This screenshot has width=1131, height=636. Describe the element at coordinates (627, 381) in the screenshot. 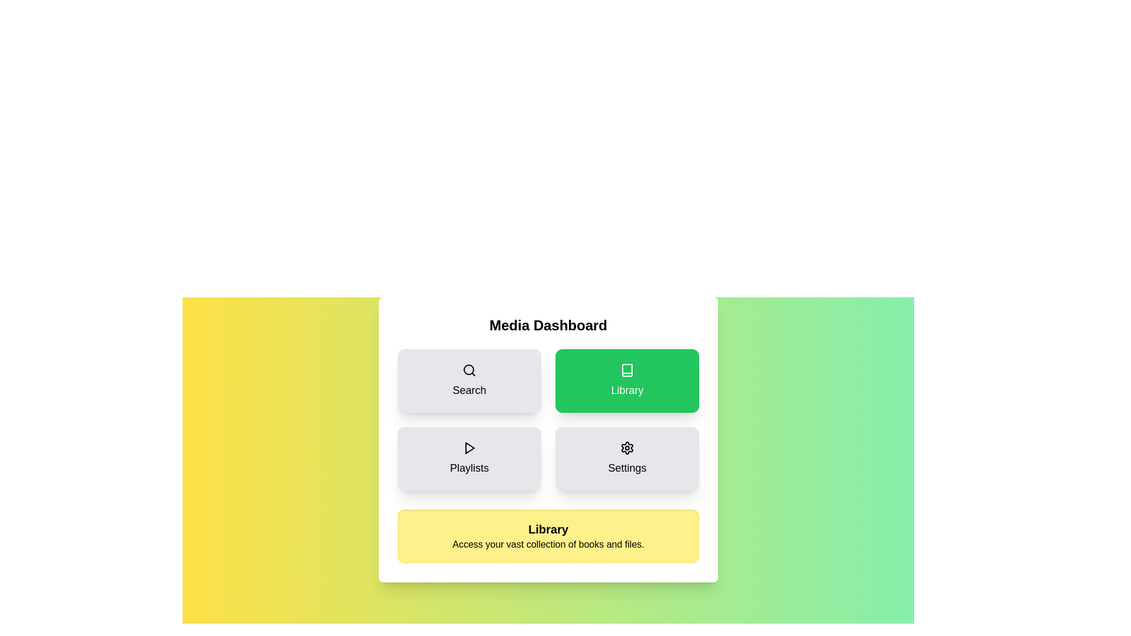

I see `the Library button to select it` at that location.